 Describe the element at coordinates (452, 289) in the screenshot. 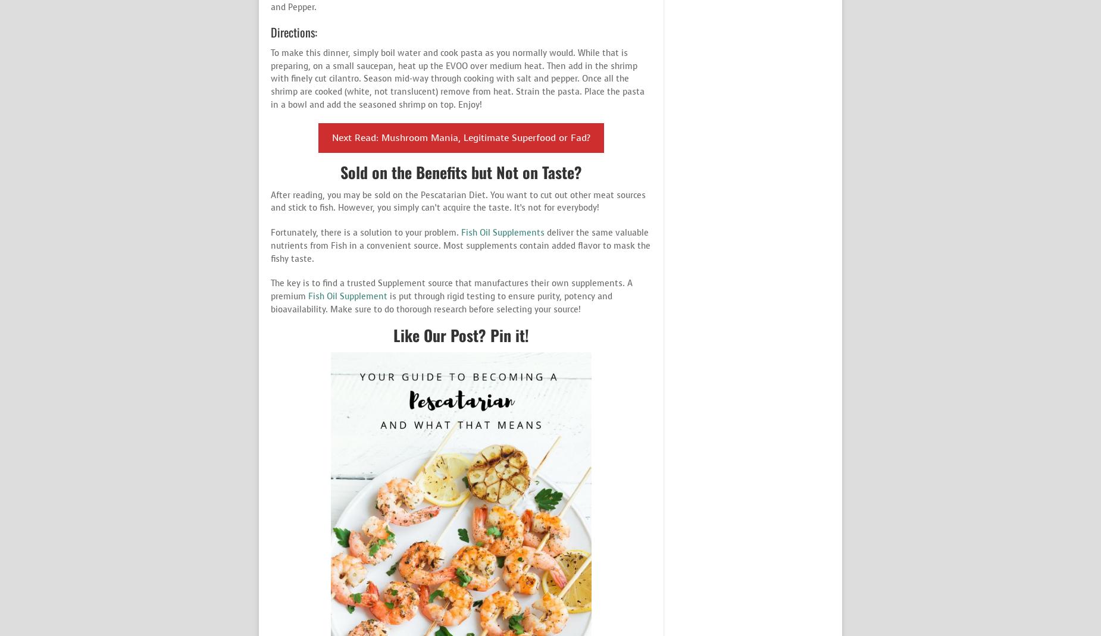

I see `'The key is to find a trusted Supplement source that manufactures their own supplements. A premium'` at that location.